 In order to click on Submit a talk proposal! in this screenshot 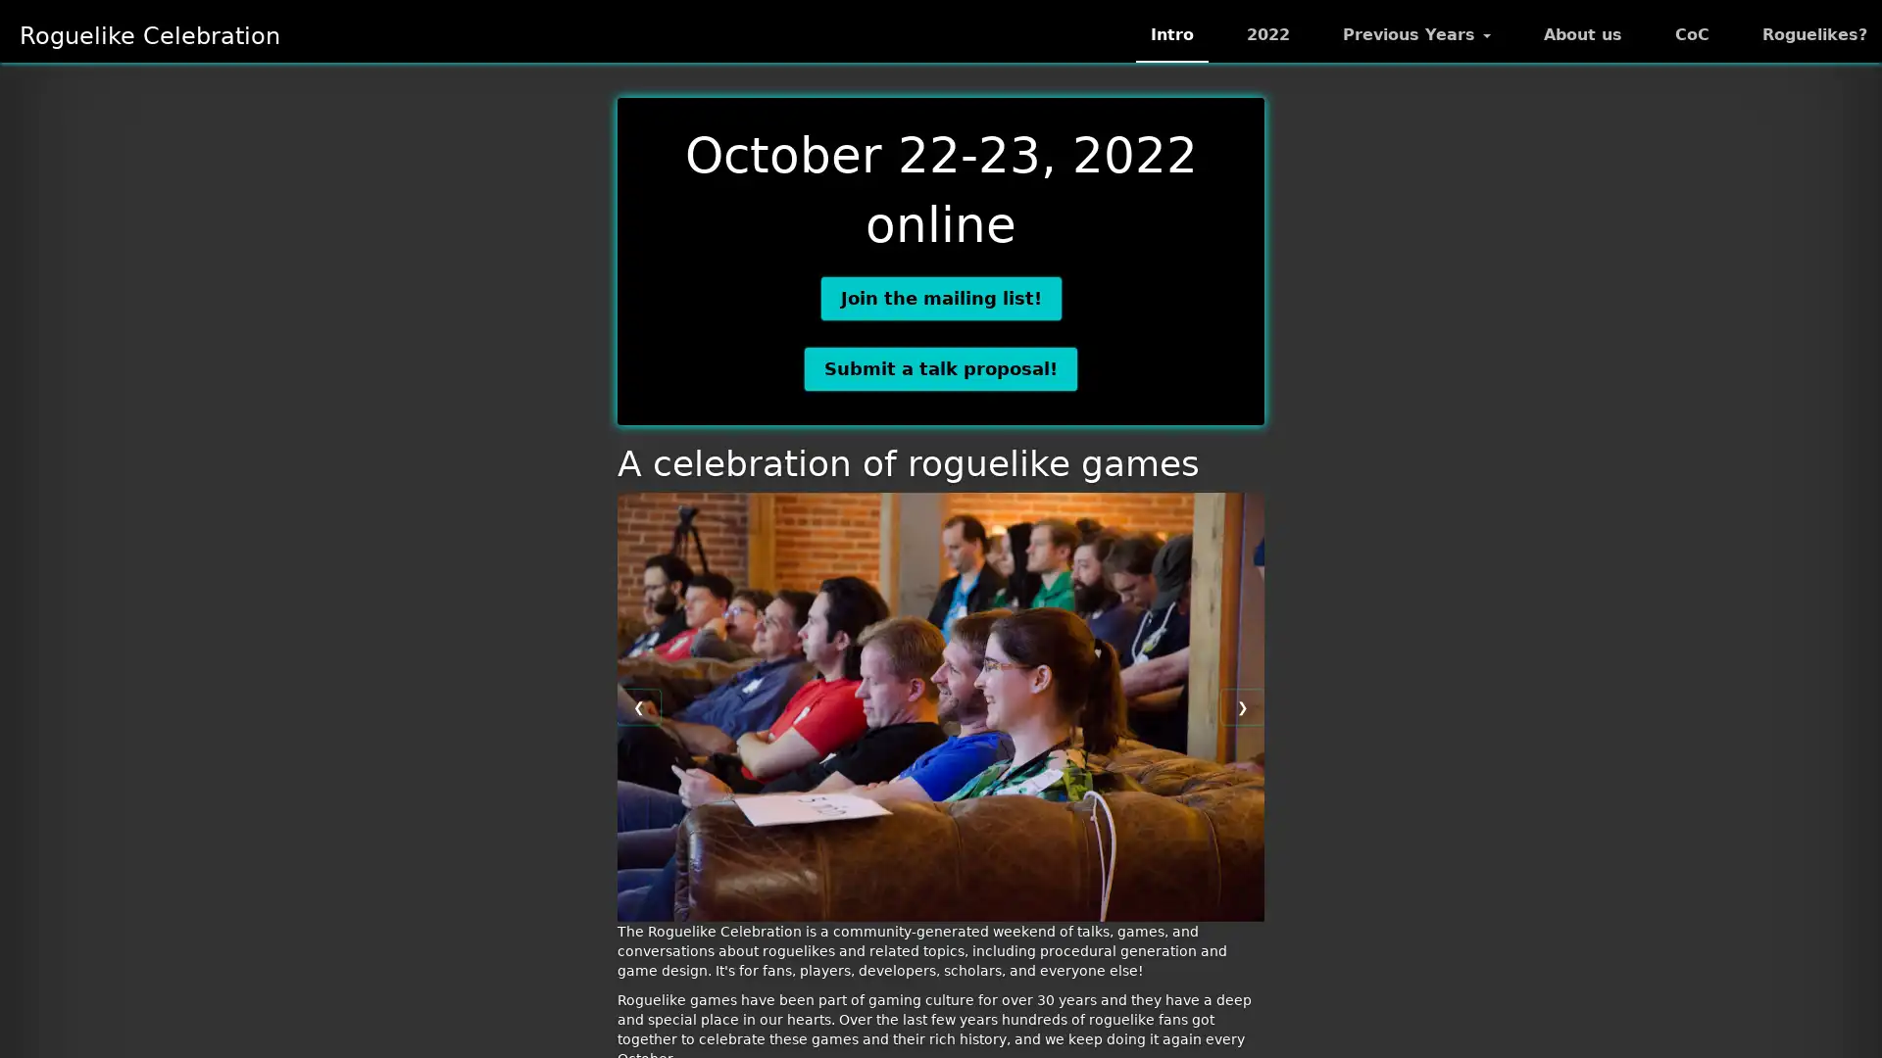, I will do `click(941, 367)`.